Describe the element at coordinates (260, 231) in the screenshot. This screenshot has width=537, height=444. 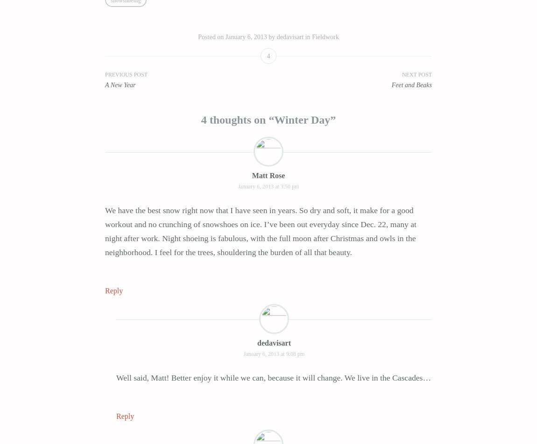
I see `'We have the best snow right now that I have seen in years. So dry and soft, it make for a good workout and no crunching of snowshoes on ice. I’ve been out everyday since Dec. 22, many at night after work. Night shoeing is fabulous, with the full moon after Christmas and owls in the neighborhood. I feel for the trees, shouldering the burden of all that beauty.'` at that location.